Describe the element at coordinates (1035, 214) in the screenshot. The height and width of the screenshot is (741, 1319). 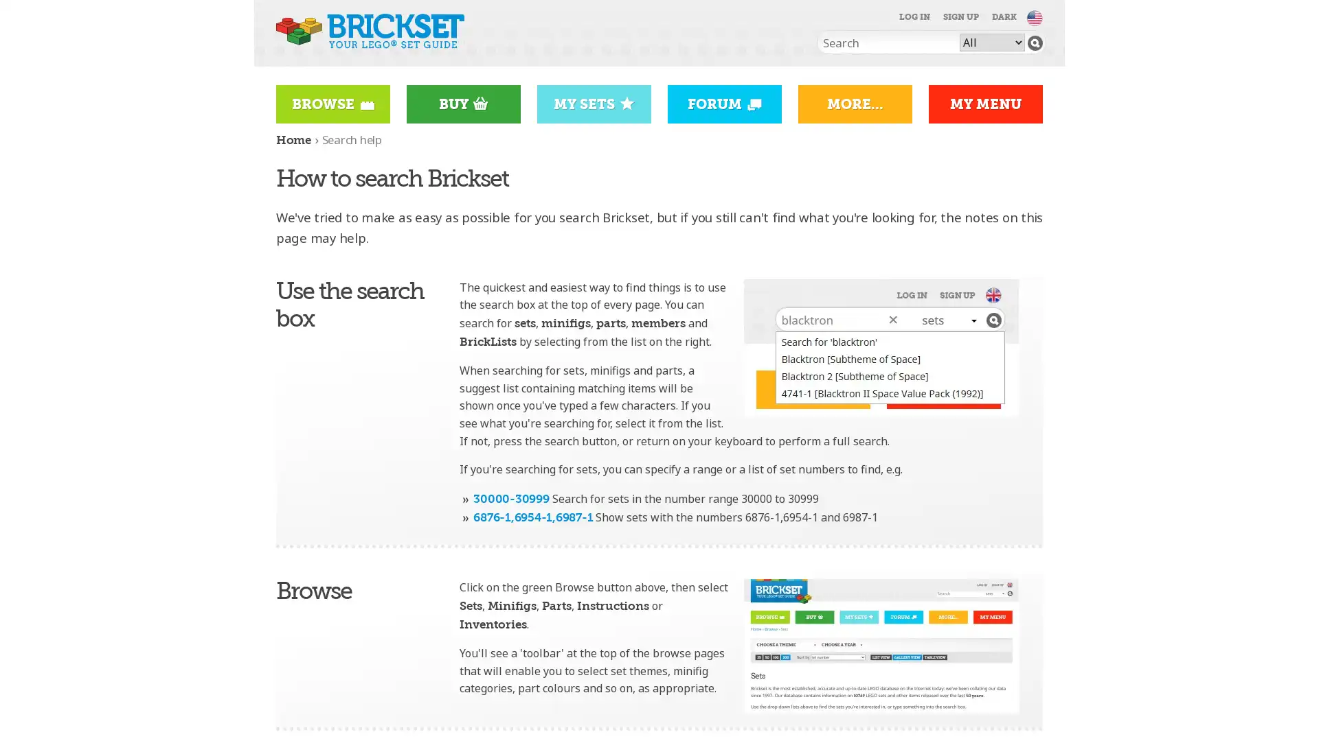
I see `Go` at that location.